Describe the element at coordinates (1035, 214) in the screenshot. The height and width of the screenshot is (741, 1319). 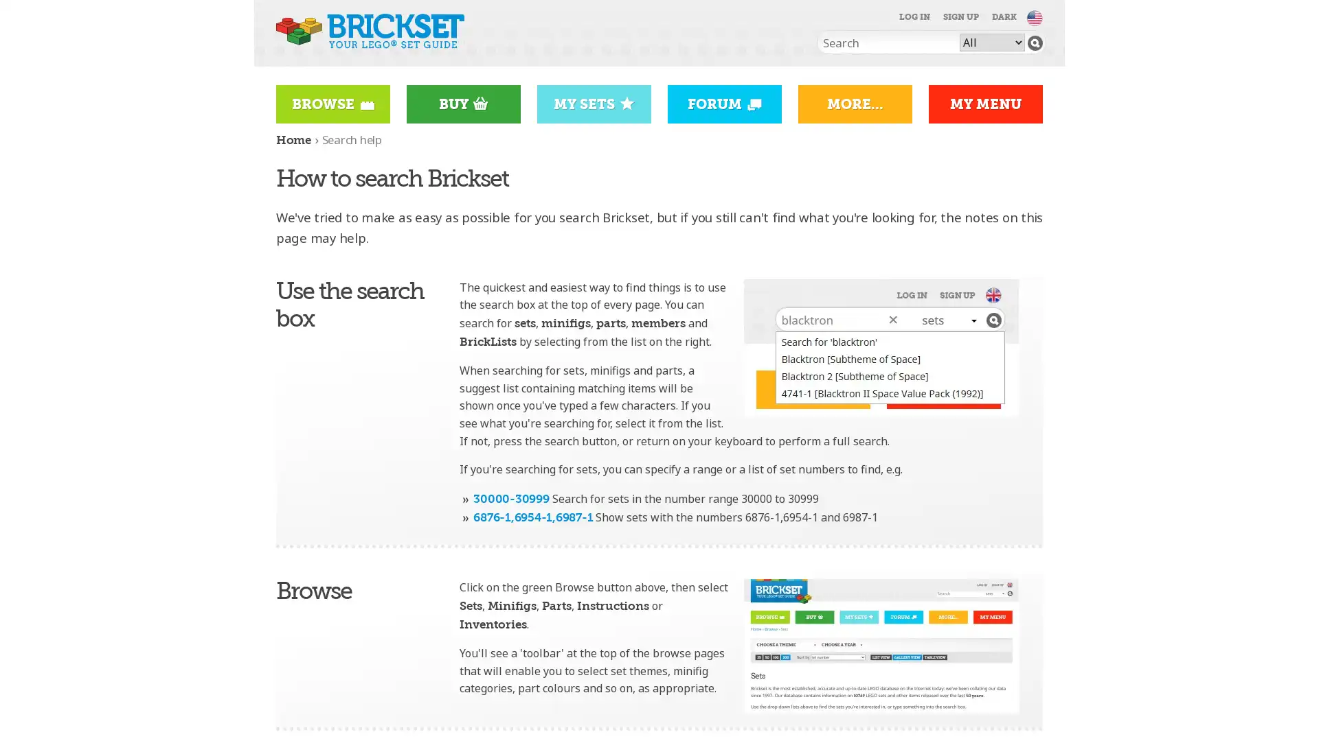
I see `Go` at that location.